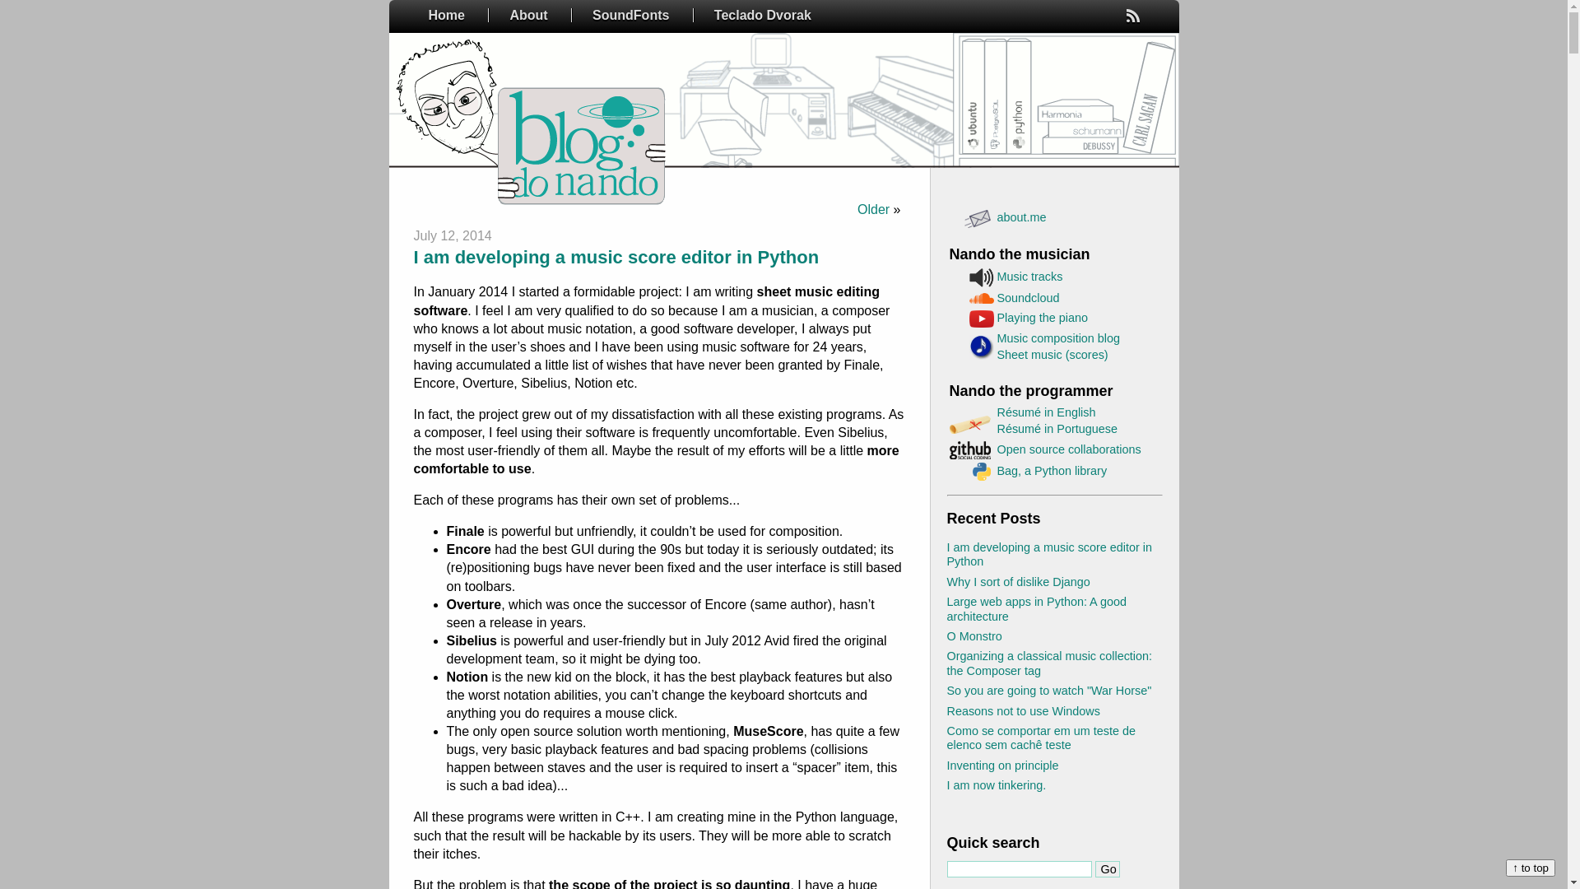 The width and height of the screenshot is (1580, 889). What do you see at coordinates (1034, 608) in the screenshot?
I see `'Large web apps in Python: A good architecture'` at bounding box center [1034, 608].